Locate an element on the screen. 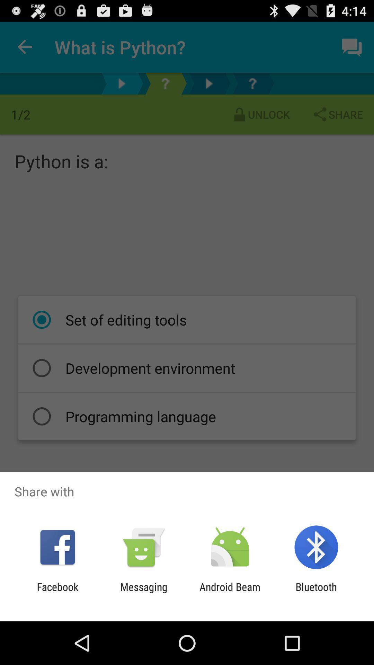 The height and width of the screenshot is (665, 374). the item next to the messaging is located at coordinates (230, 593).